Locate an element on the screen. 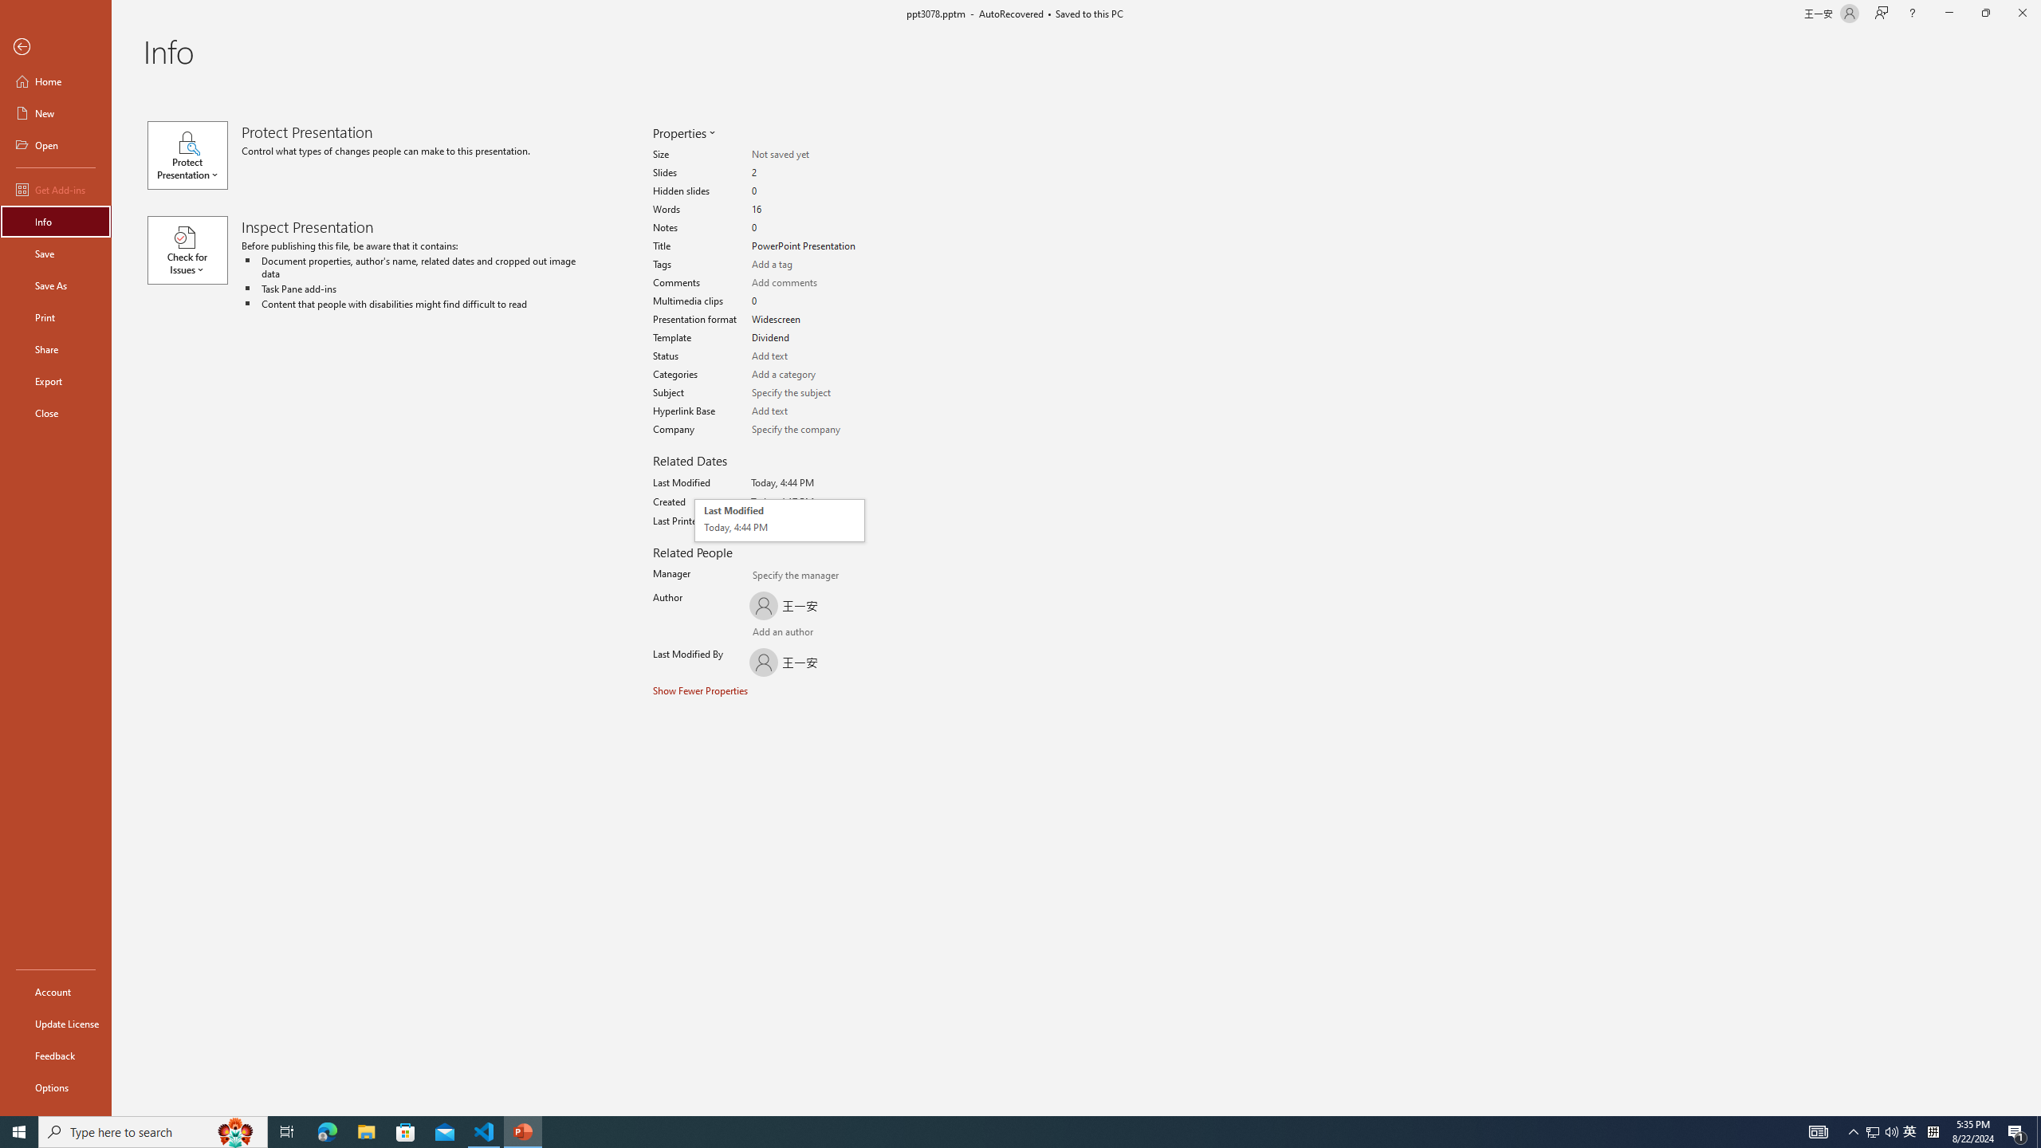  'Title' is located at coordinates (806, 246).